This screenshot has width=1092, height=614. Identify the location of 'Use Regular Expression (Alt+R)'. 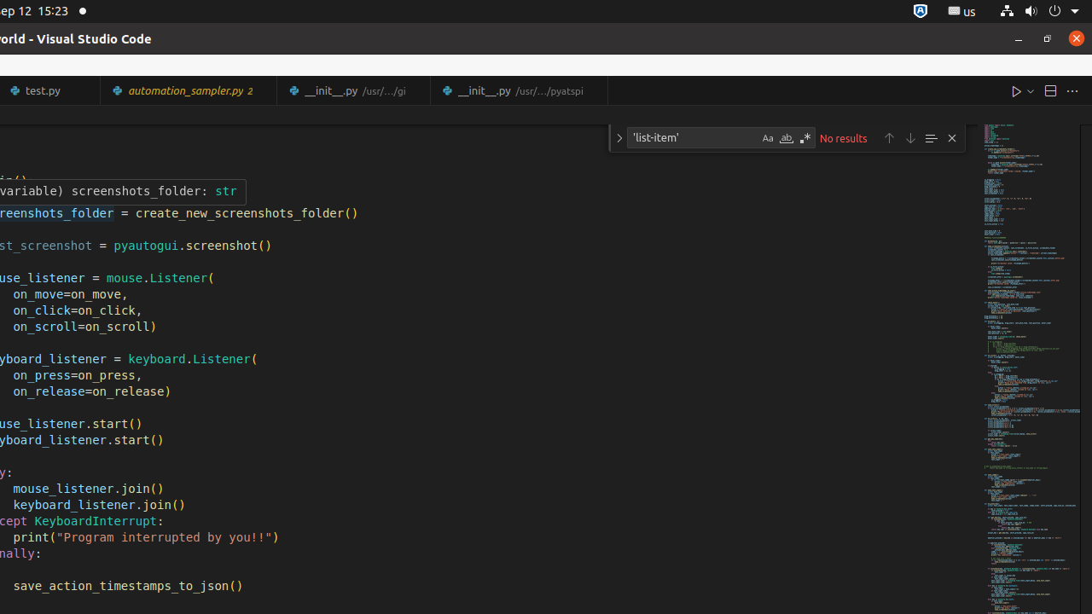
(804, 137).